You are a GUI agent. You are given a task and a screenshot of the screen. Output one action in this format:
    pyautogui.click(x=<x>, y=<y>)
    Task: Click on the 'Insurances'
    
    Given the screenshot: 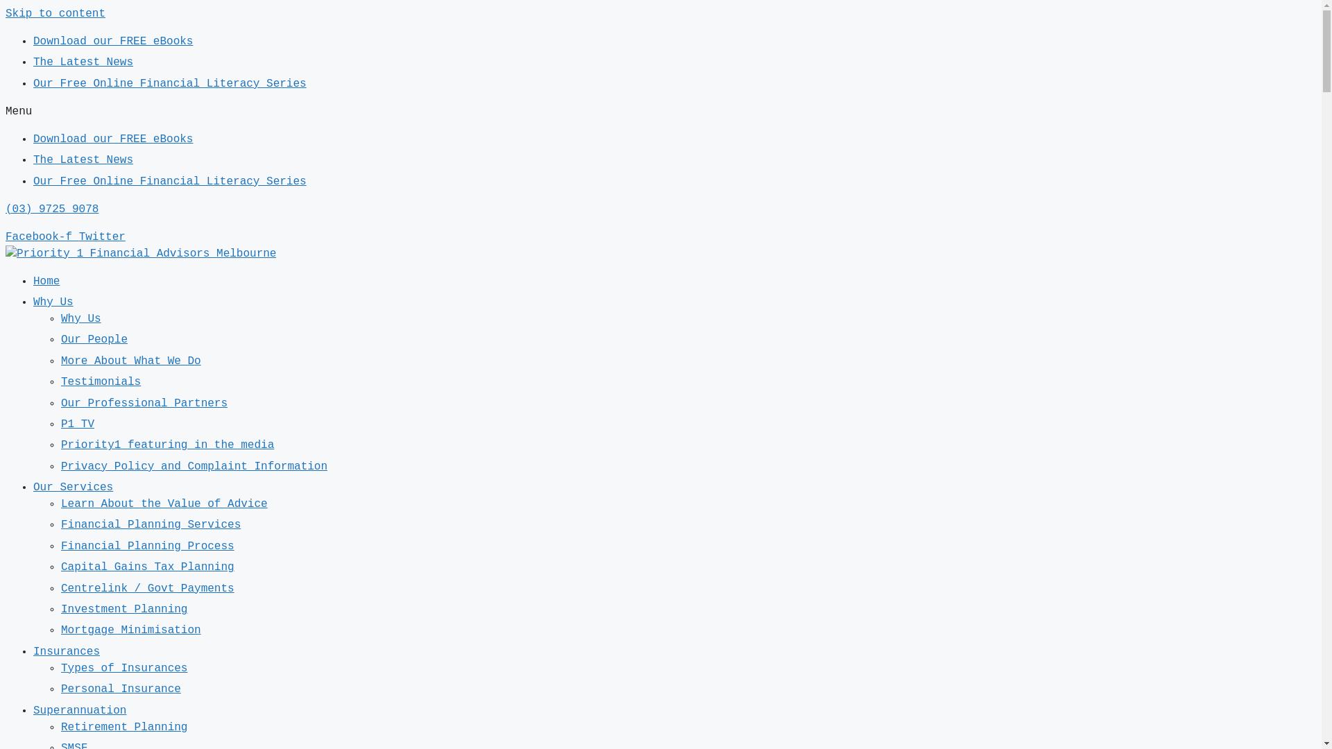 What is the action you would take?
    pyautogui.click(x=66, y=652)
    